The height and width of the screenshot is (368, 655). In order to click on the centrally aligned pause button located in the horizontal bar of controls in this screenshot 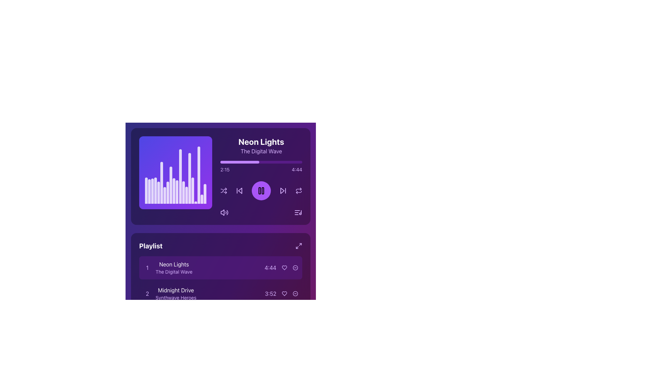, I will do `click(261, 190)`.